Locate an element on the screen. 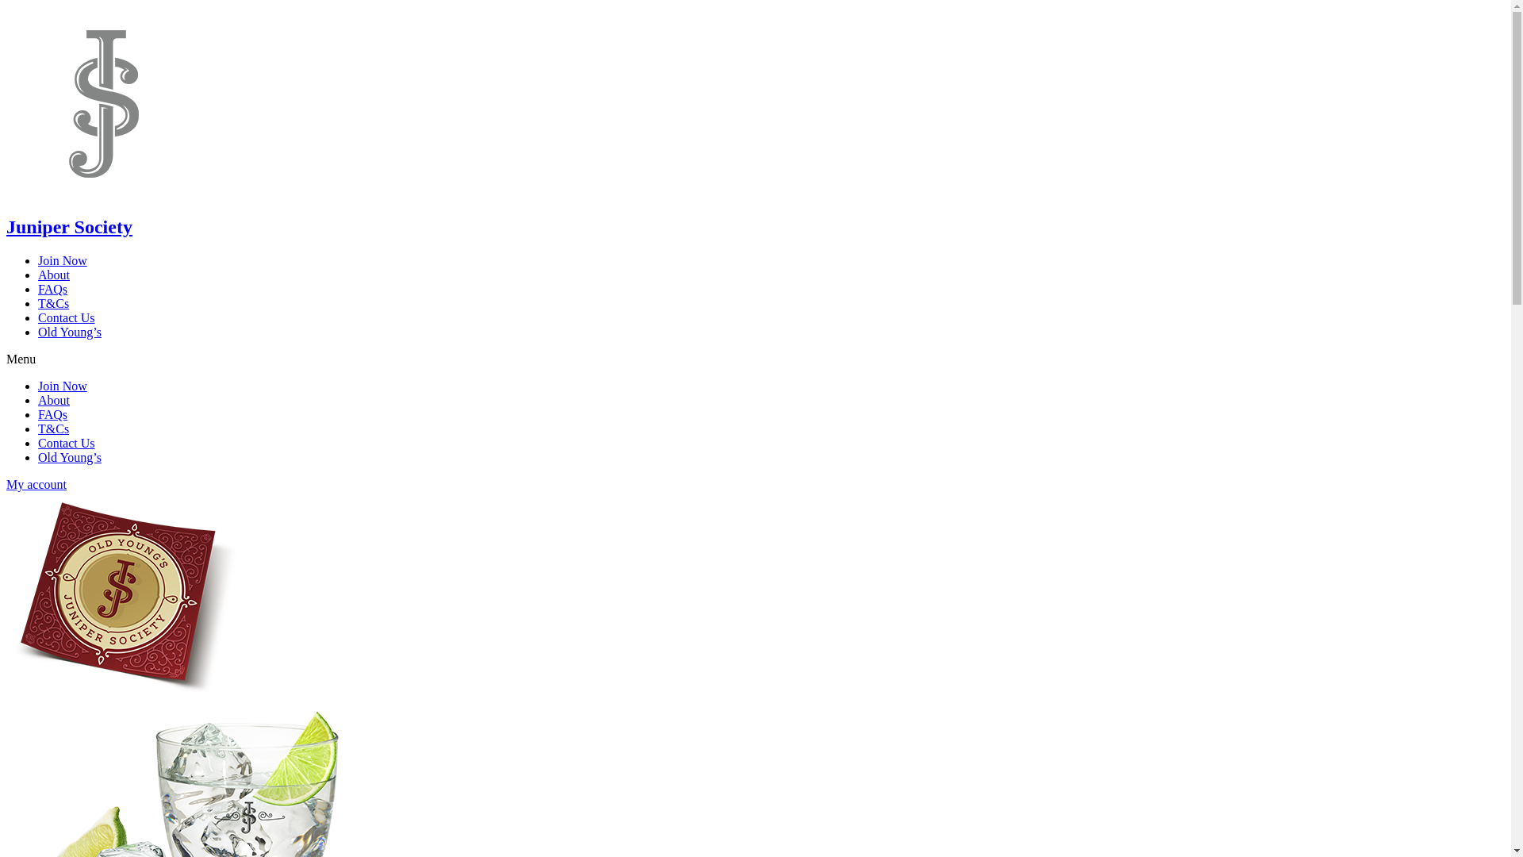 This screenshot has height=857, width=1523. 'T&Cs' is located at coordinates (53, 428).